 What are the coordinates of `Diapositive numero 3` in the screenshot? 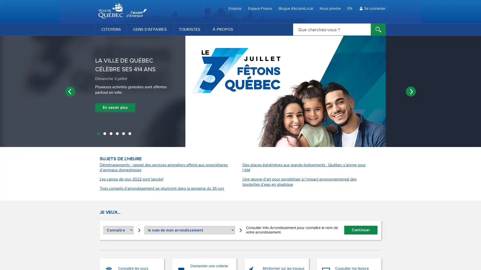 It's located at (110, 134).